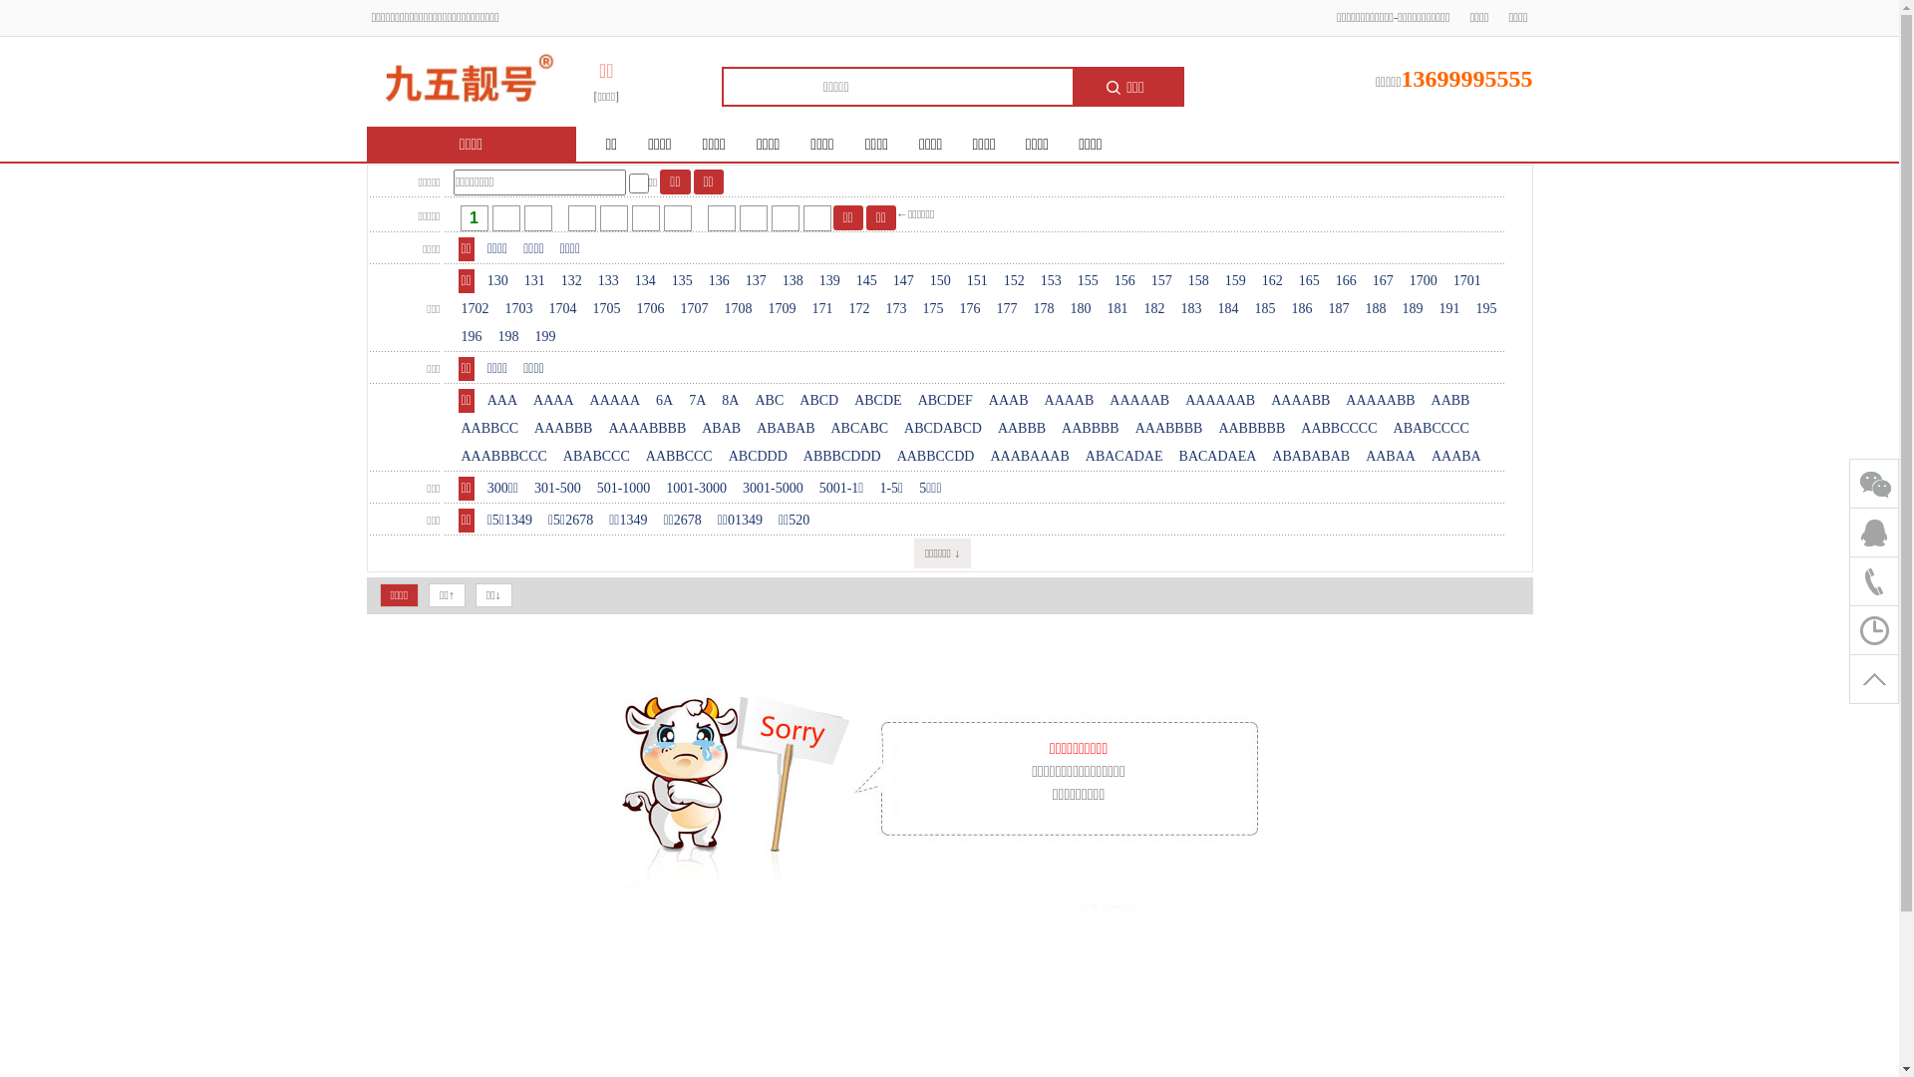 The width and height of the screenshot is (1914, 1077). What do you see at coordinates (931, 308) in the screenshot?
I see `'175'` at bounding box center [931, 308].